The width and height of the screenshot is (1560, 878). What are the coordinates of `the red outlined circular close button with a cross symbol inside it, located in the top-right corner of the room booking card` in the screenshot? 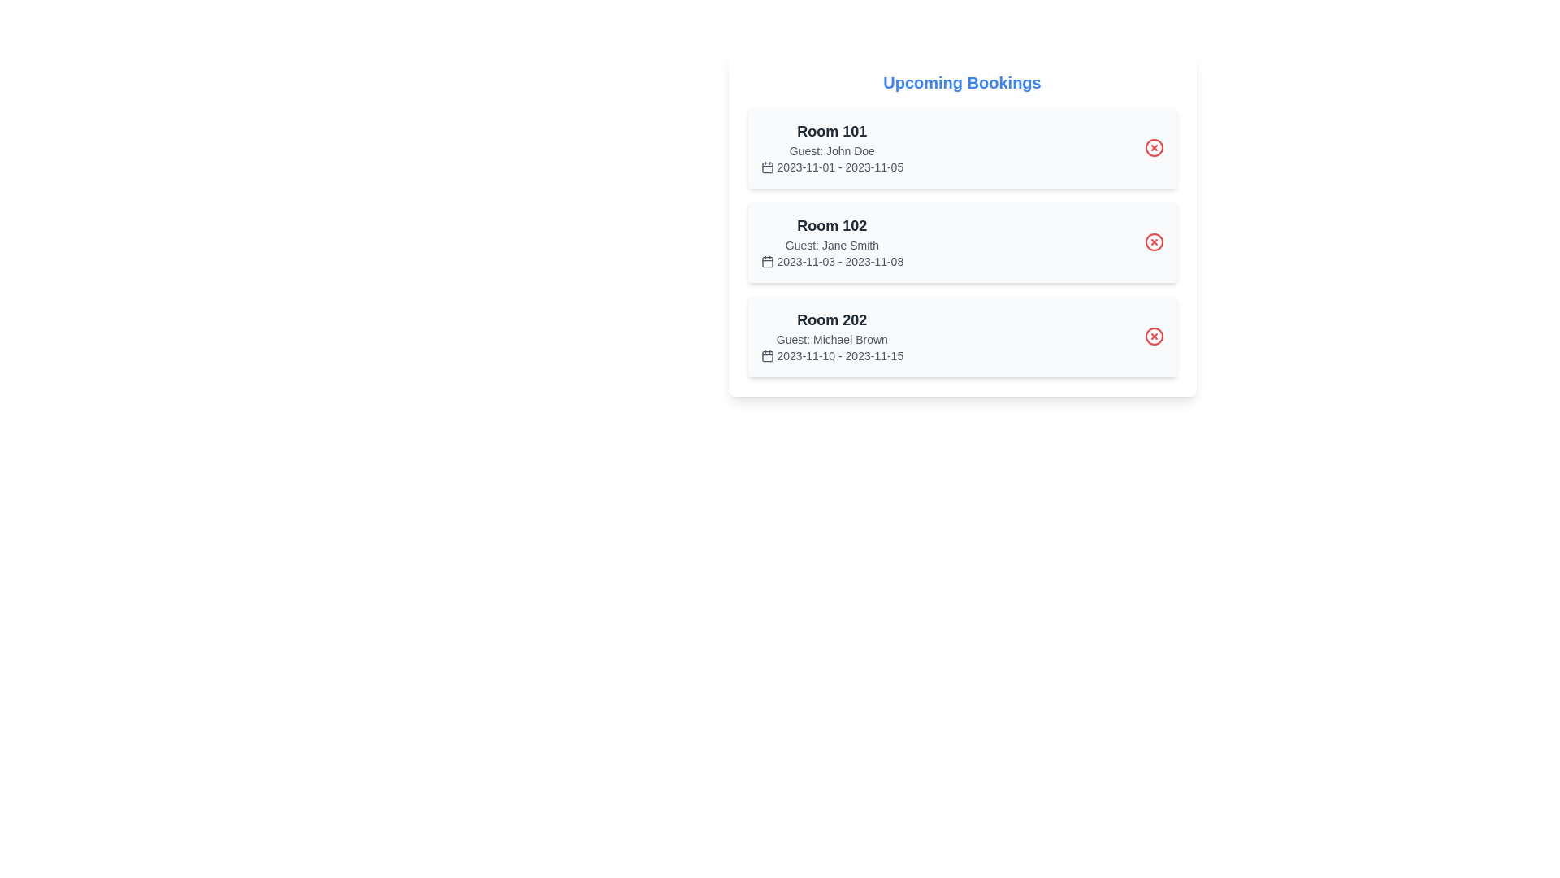 It's located at (1153, 335).